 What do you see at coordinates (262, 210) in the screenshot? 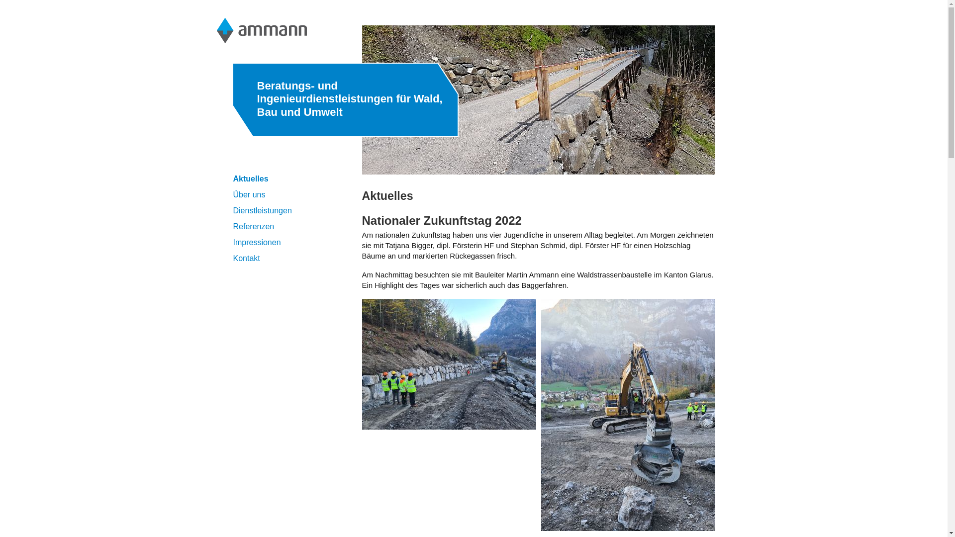
I see `'Dienstleistungen'` at bounding box center [262, 210].